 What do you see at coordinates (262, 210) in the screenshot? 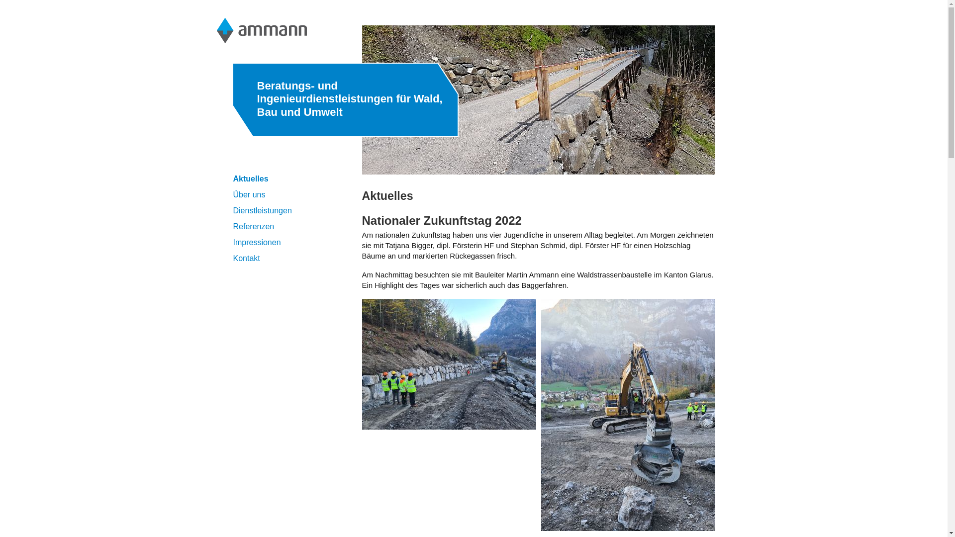
I see `'Dienstleistungen'` at bounding box center [262, 210].